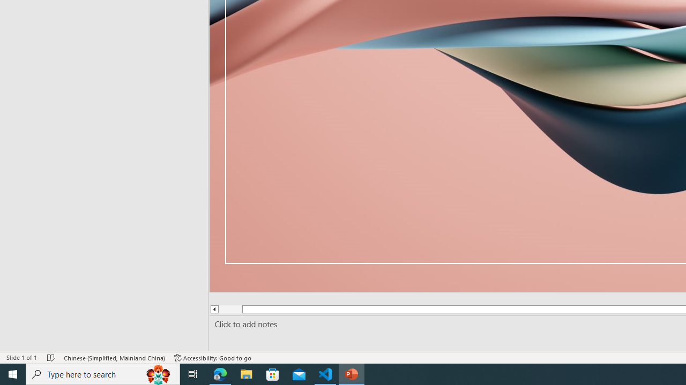 The image size is (686, 385). I want to click on 'Accessibility Checker Accessibility: Good to go', so click(213, 358).